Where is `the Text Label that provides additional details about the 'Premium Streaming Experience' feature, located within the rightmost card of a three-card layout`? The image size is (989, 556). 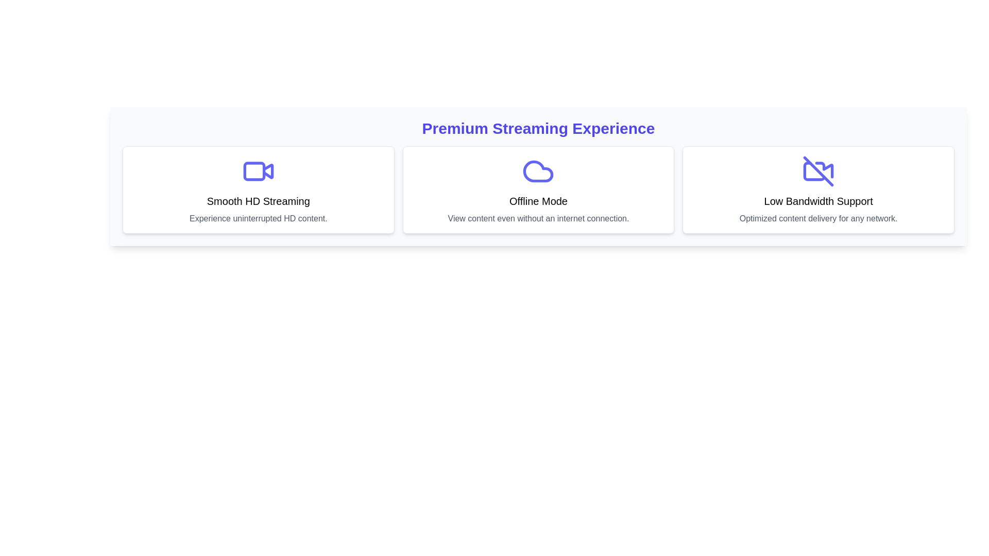 the Text Label that provides additional details about the 'Premium Streaming Experience' feature, located within the rightmost card of a three-card layout is located at coordinates (818, 218).